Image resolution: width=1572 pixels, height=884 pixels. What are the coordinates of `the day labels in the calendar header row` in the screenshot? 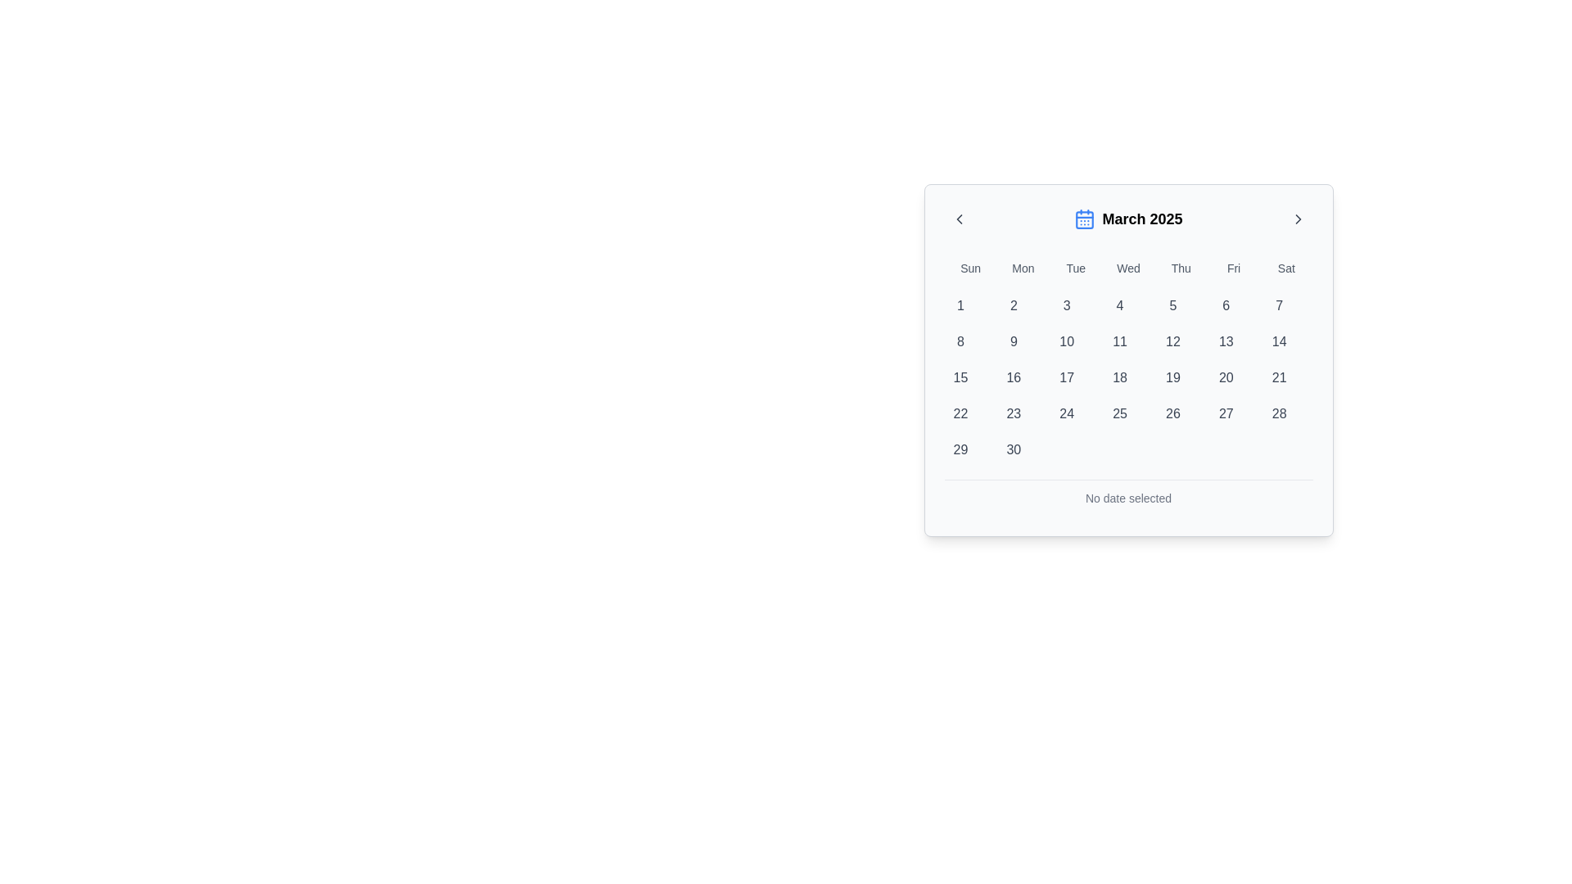 It's located at (1127, 267).